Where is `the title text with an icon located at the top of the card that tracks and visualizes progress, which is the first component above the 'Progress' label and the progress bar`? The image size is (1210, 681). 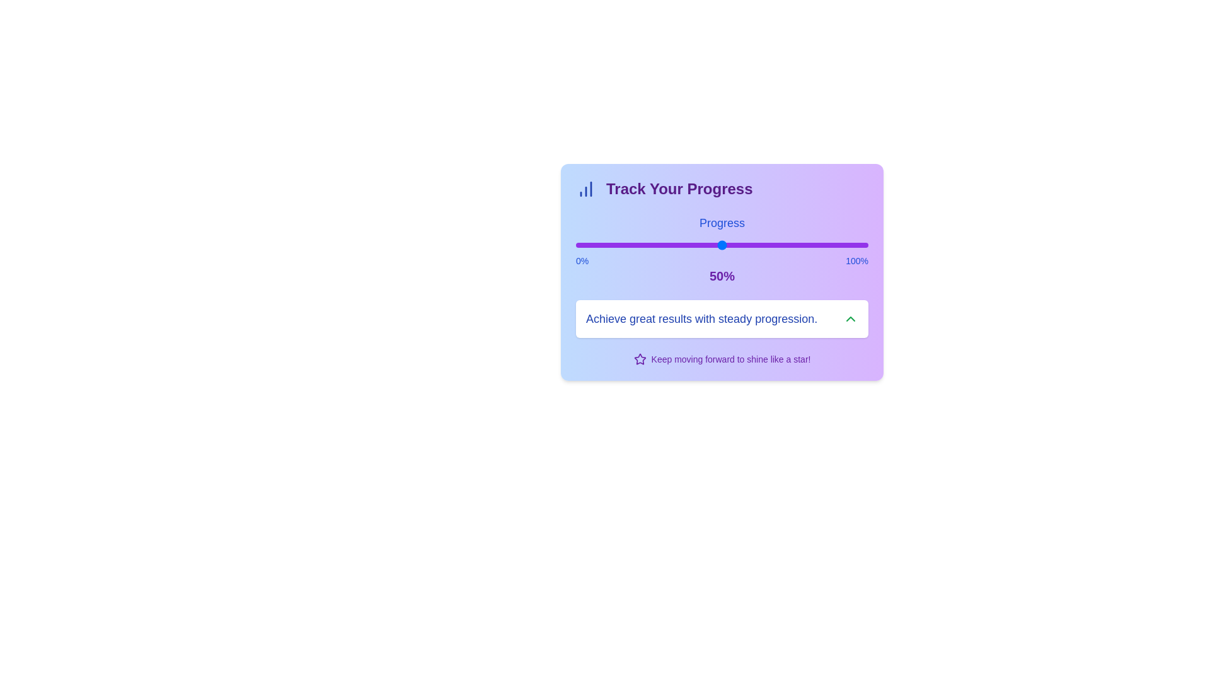
the title text with an icon located at the top of the card that tracks and visualizes progress, which is the first component above the 'Progress' label and the progress bar is located at coordinates (722, 189).